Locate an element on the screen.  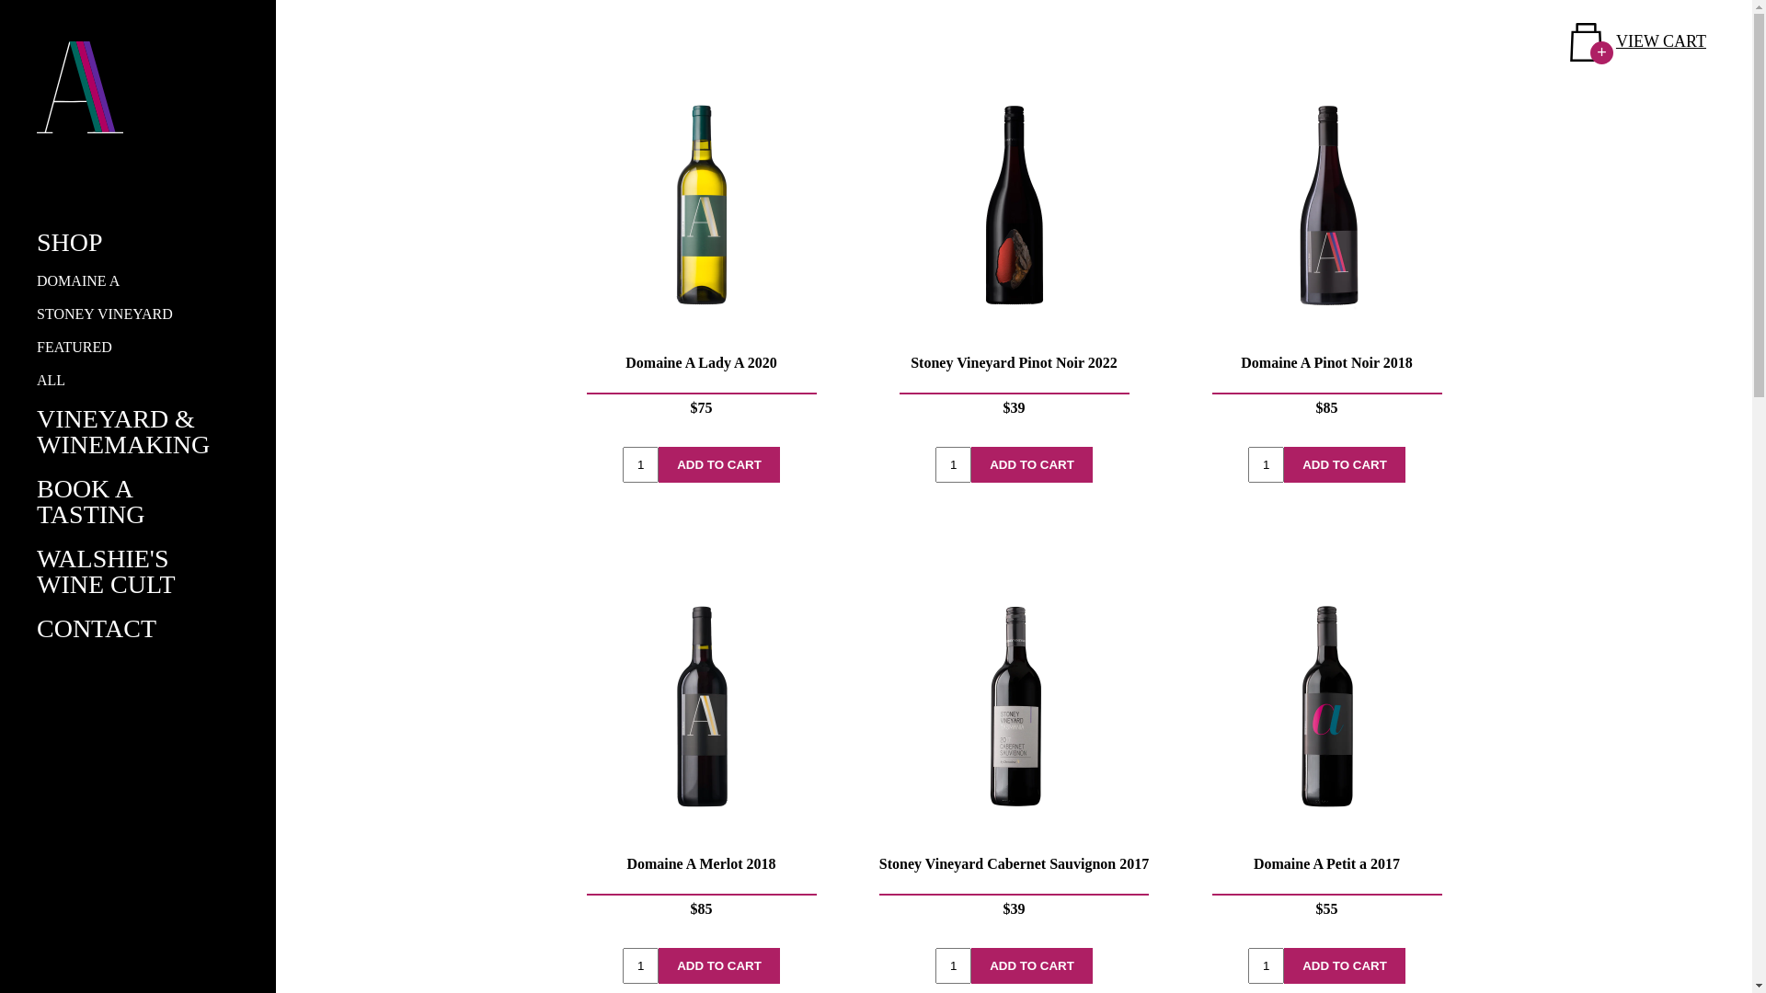
'ADD TO CART' is located at coordinates (718, 964).